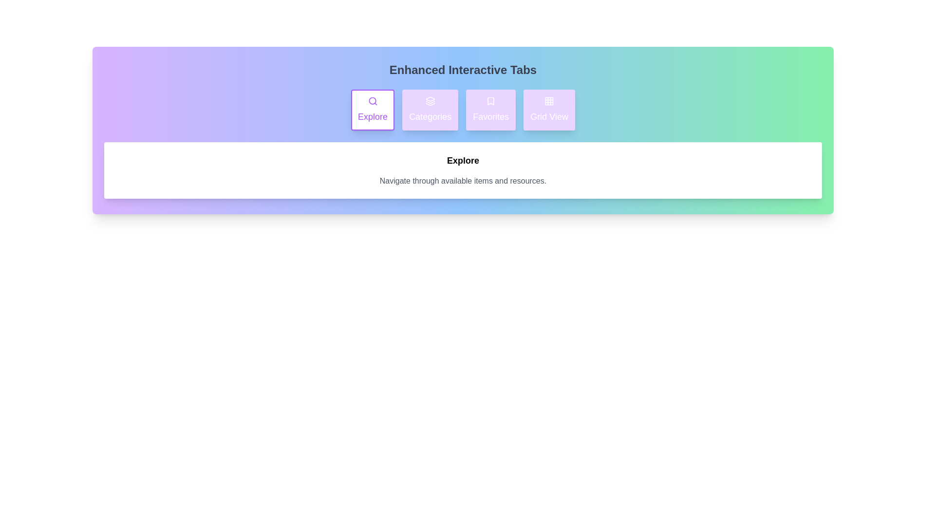 The width and height of the screenshot is (935, 526). I want to click on the tab labeled Explore to observe the hover effect, so click(372, 110).